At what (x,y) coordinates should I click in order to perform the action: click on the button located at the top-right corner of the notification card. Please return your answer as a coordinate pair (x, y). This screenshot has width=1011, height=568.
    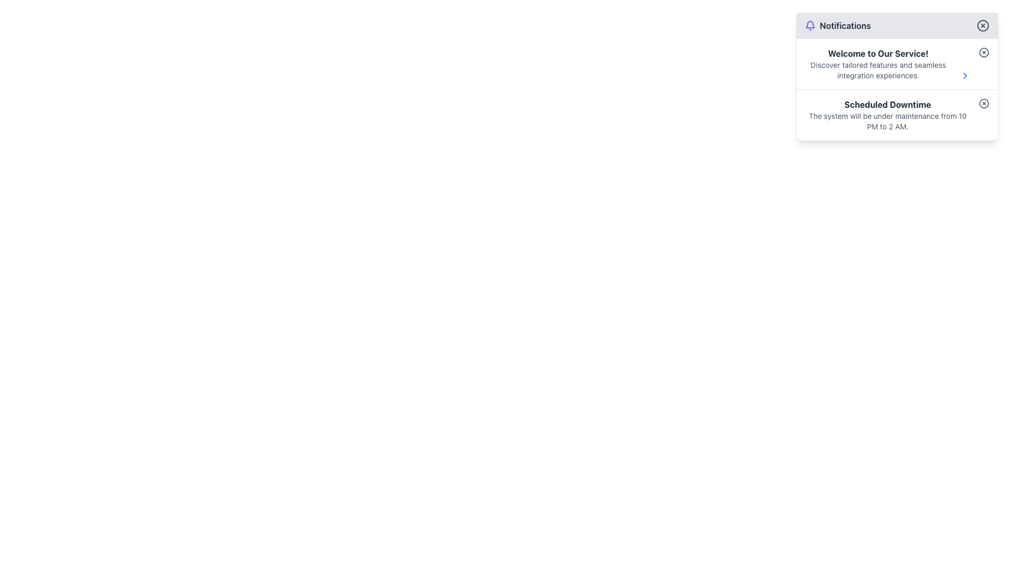
    Looking at the image, I should click on (983, 53).